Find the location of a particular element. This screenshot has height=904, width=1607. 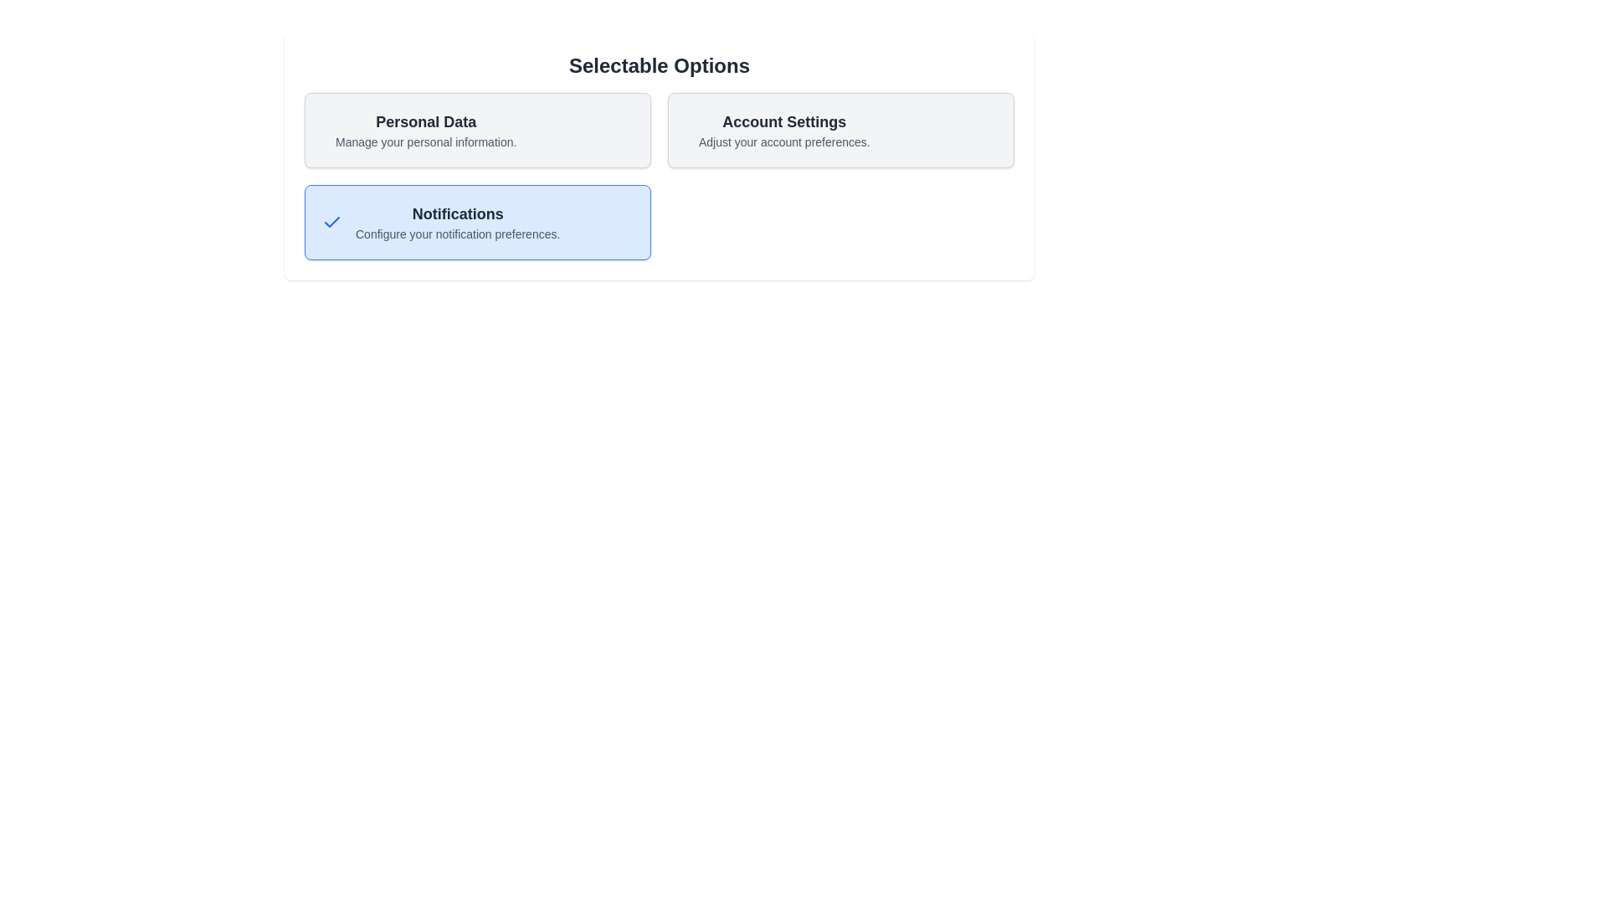

the first selectable card in the upper-left section of the grid layout is located at coordinates (477, 129).